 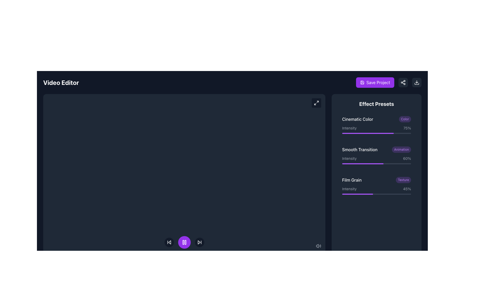 What do you see at coordinates (369, 133) in the screenshot?
I see `Cinematic Color Intensity` at bounding box center [369, 133].